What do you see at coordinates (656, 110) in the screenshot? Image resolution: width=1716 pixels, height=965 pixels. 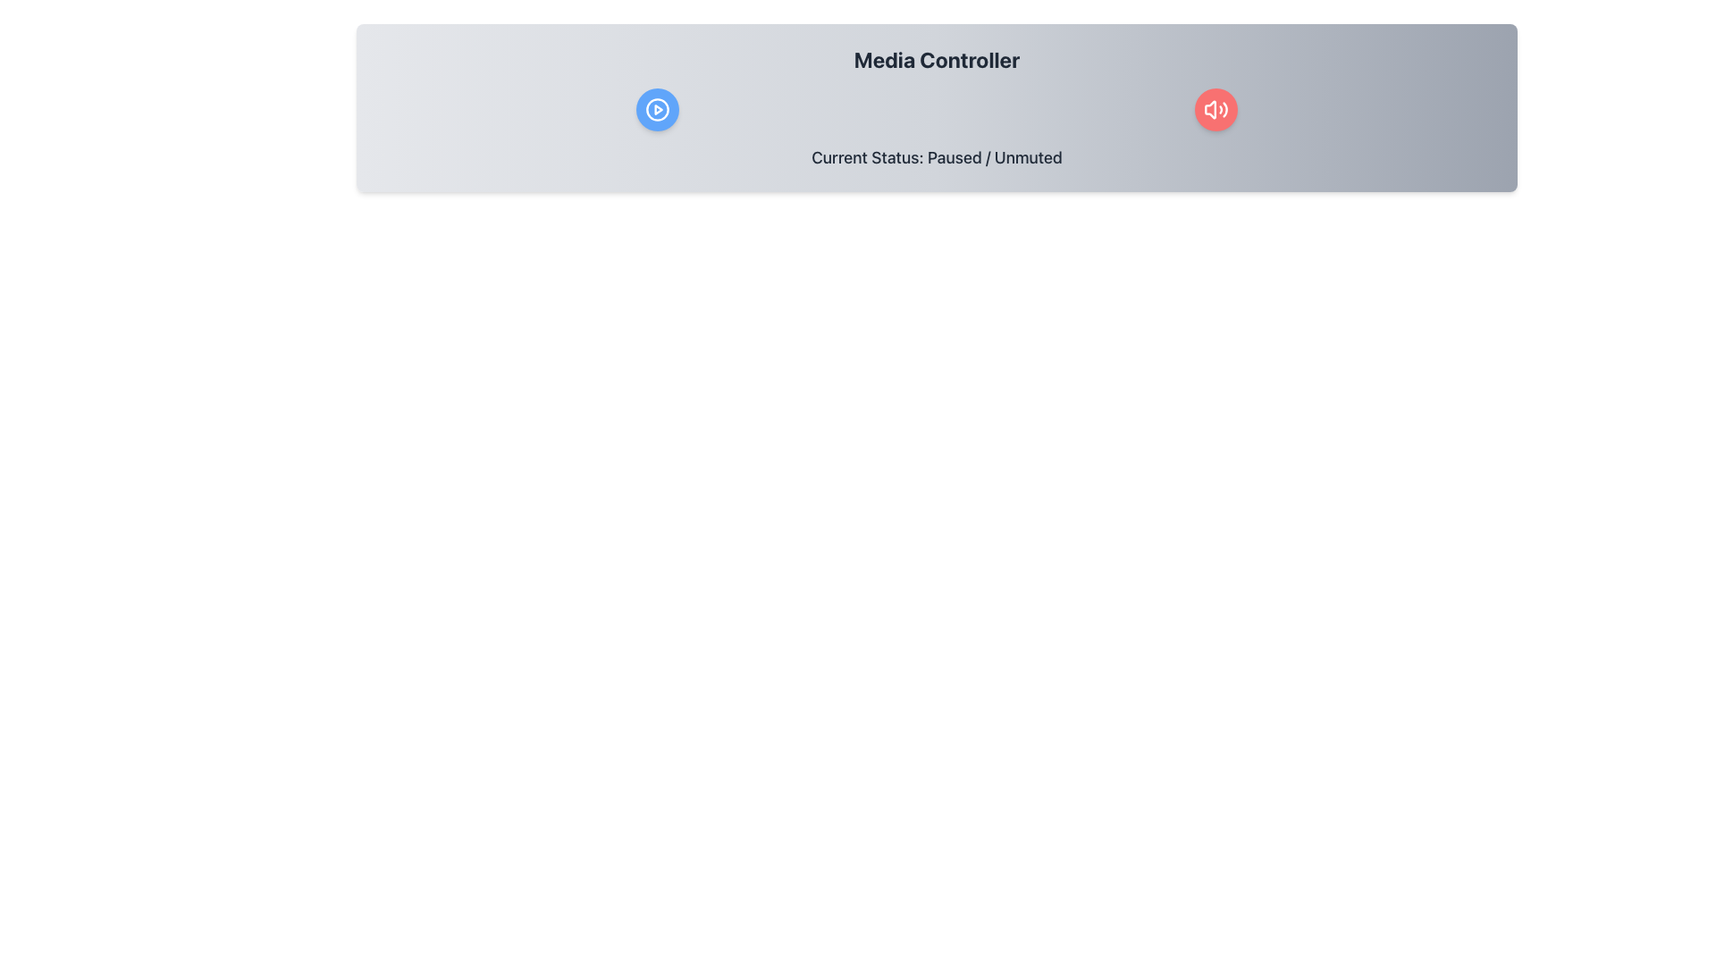 I see `the circular border element within the left play button in the media controller interface, located to the left of the 'Media Controller' header` at bounding box center [656, 110].